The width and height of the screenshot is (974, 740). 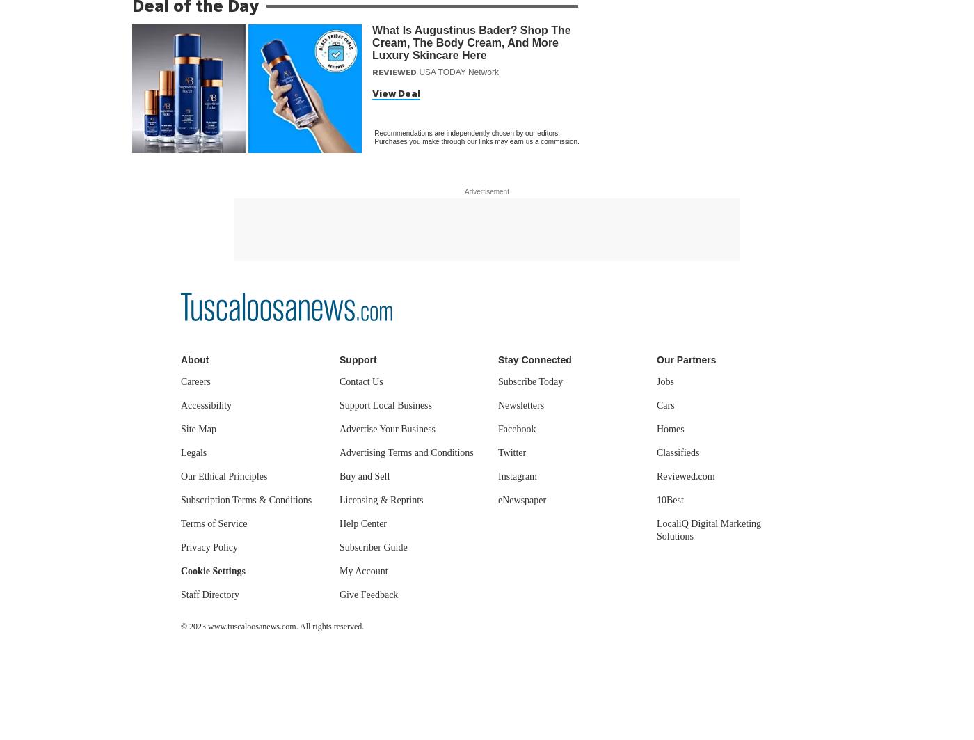 I want to click on 'Privacy Policy', so click(x=209, y=546).